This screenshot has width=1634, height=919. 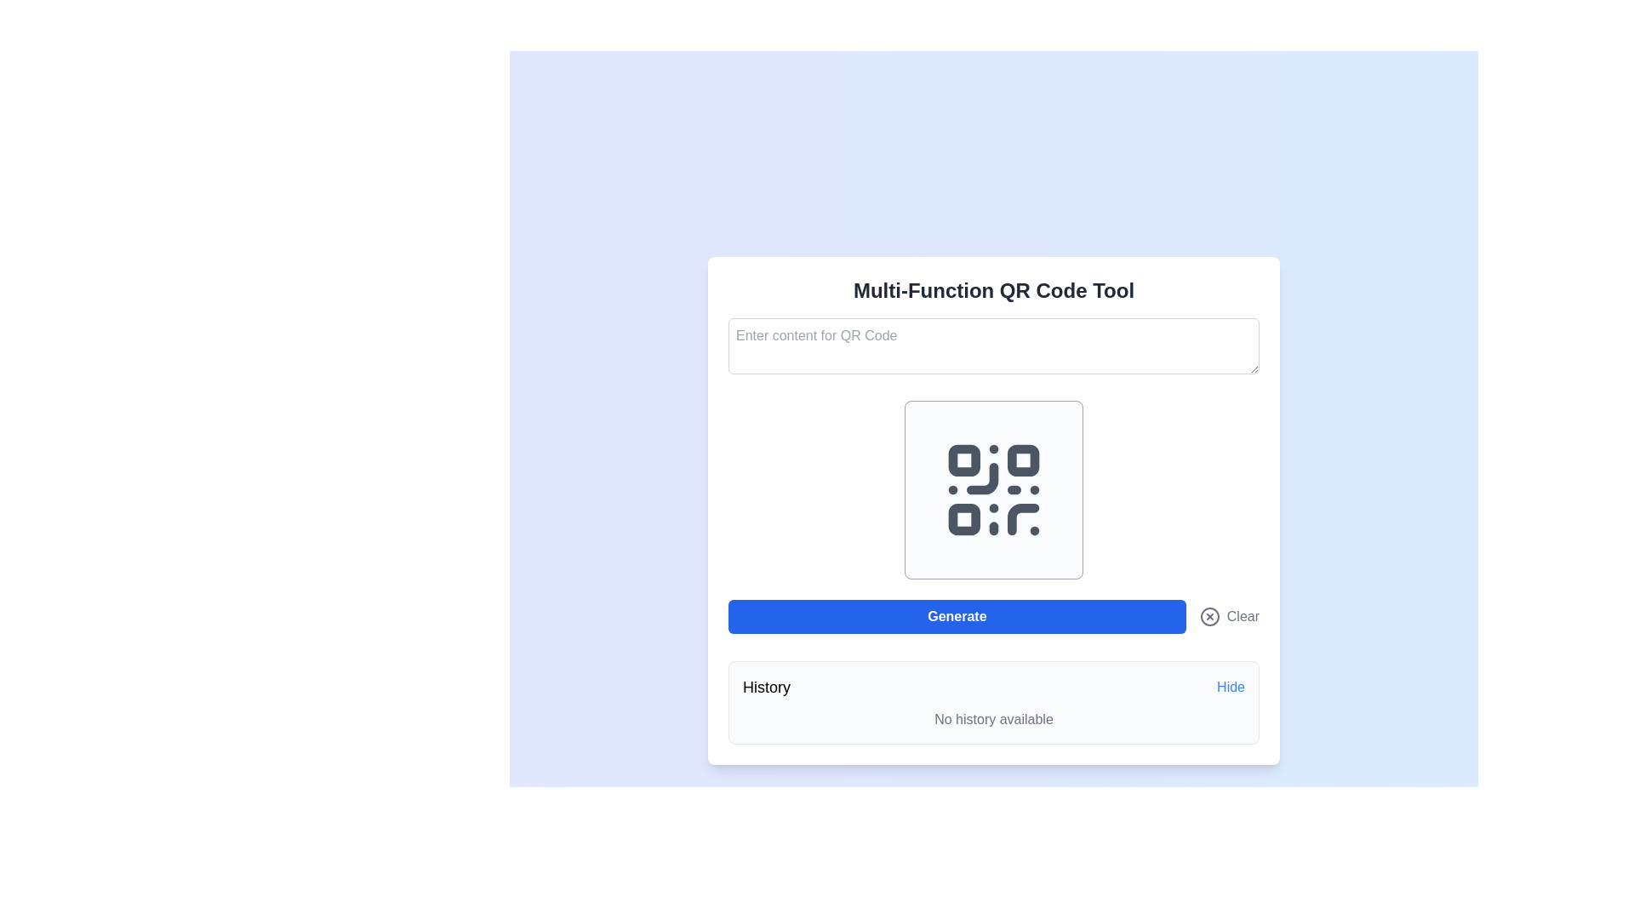 What do you see at coordinates (964, 518) in the screenshot?
I see `the graphical square element located in the bottom-left corner of the QR code representation, which is the third square among its siblings` at bounding box center [964, 518].